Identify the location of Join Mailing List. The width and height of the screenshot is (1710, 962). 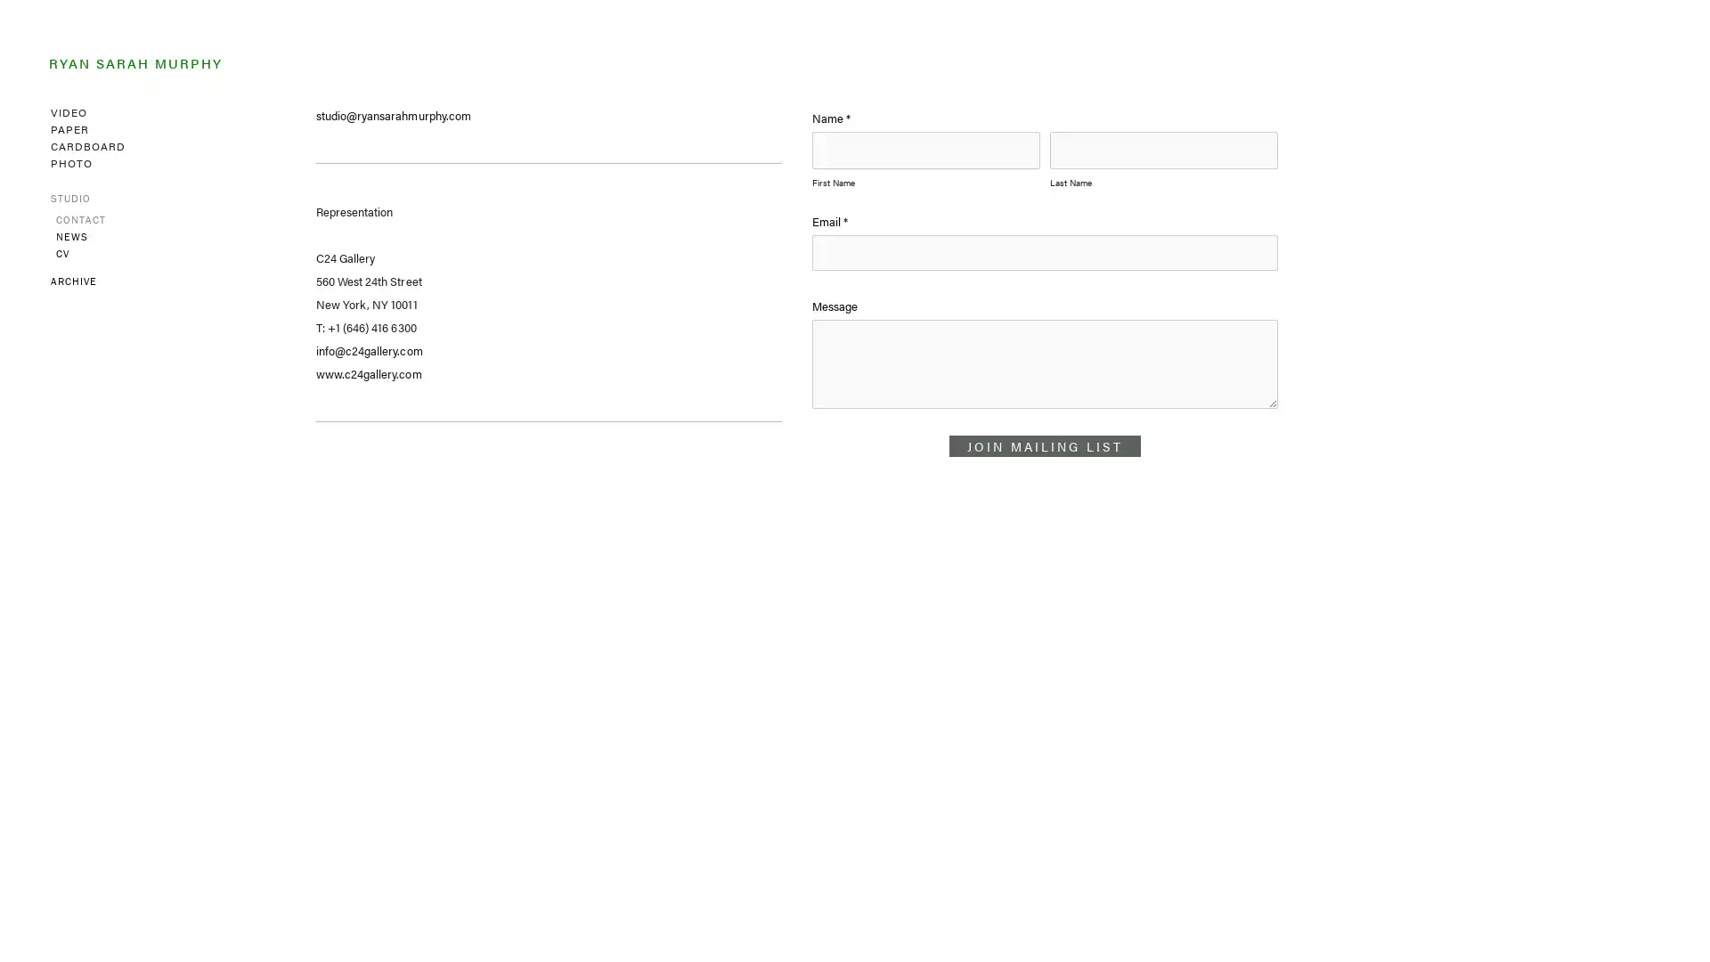
(1045, 445).